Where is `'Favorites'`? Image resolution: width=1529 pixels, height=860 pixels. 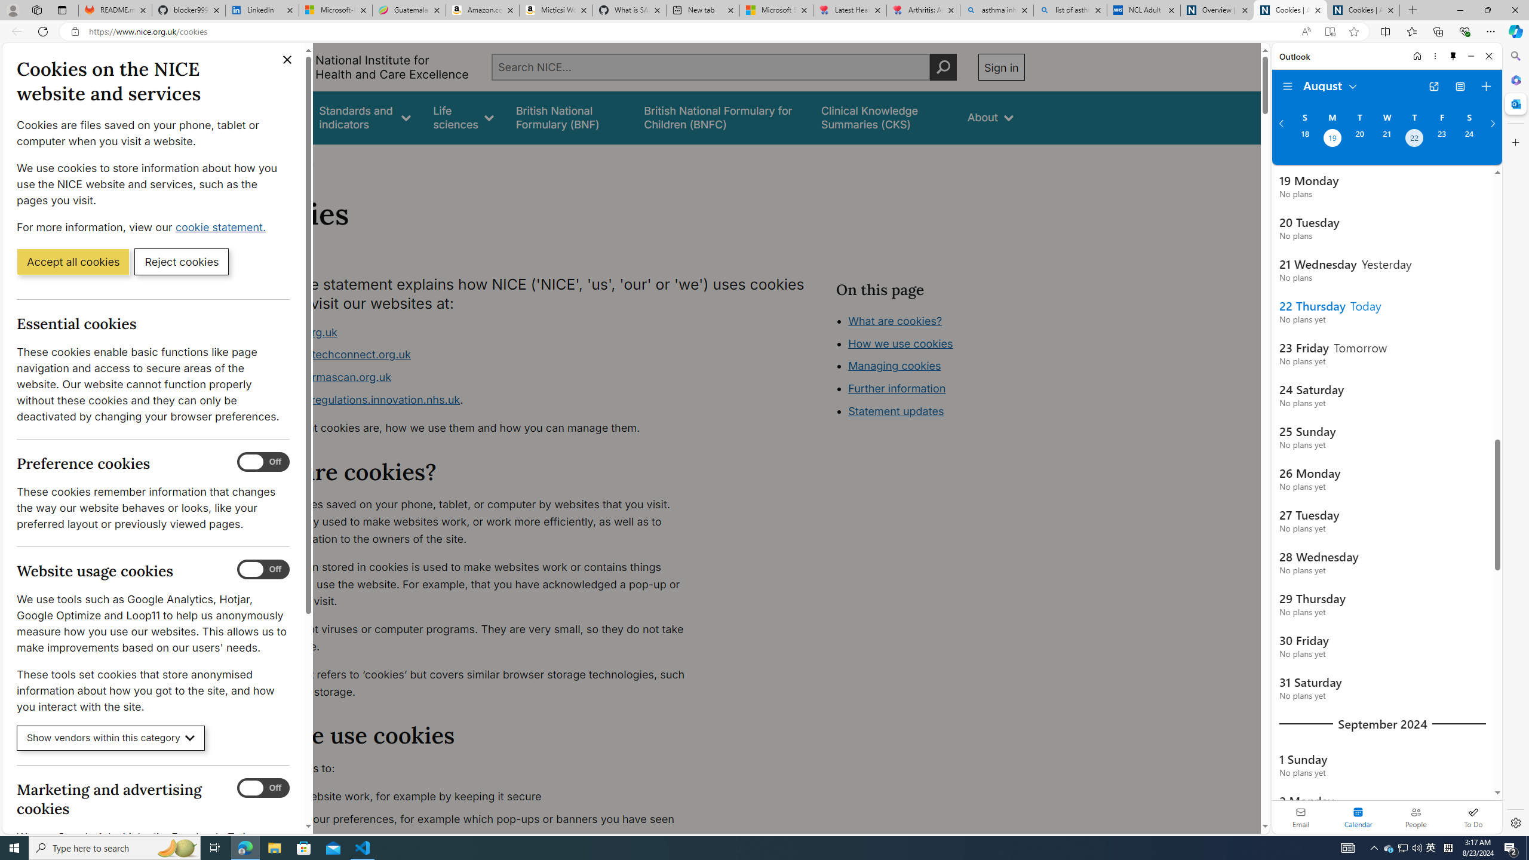
'Favorites' is located at coordinates (1412, 30).